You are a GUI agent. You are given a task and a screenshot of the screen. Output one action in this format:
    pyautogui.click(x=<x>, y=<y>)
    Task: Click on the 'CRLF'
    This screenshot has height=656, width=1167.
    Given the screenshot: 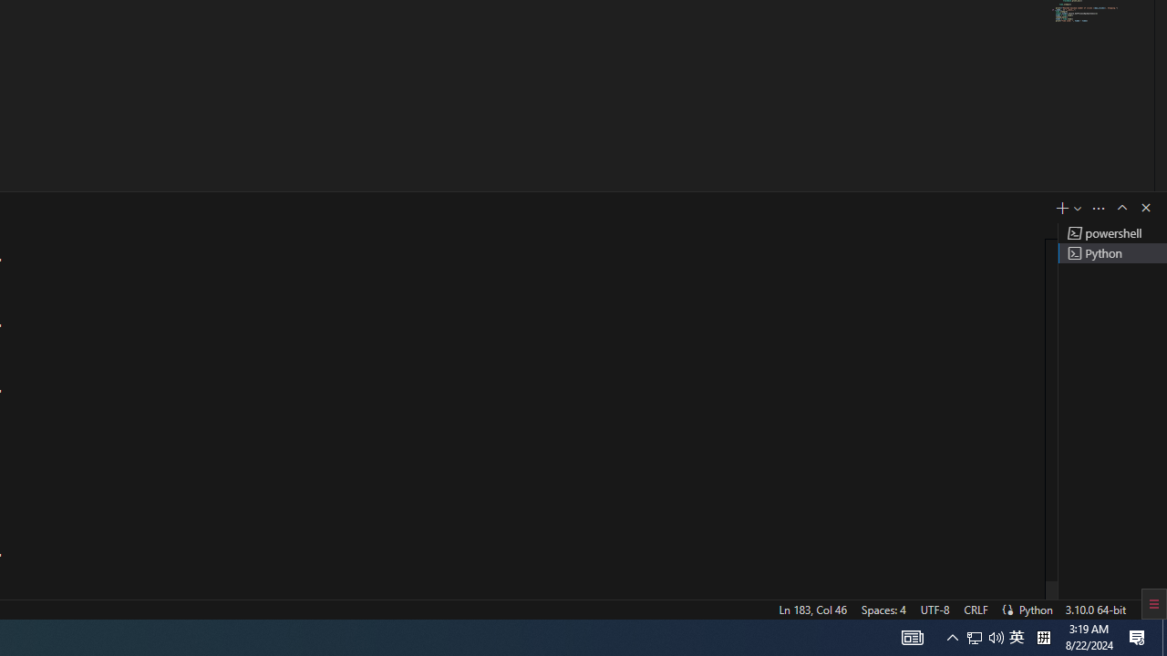 What is the action you would take?
    pyautogui.click(x=975, y=609)
    